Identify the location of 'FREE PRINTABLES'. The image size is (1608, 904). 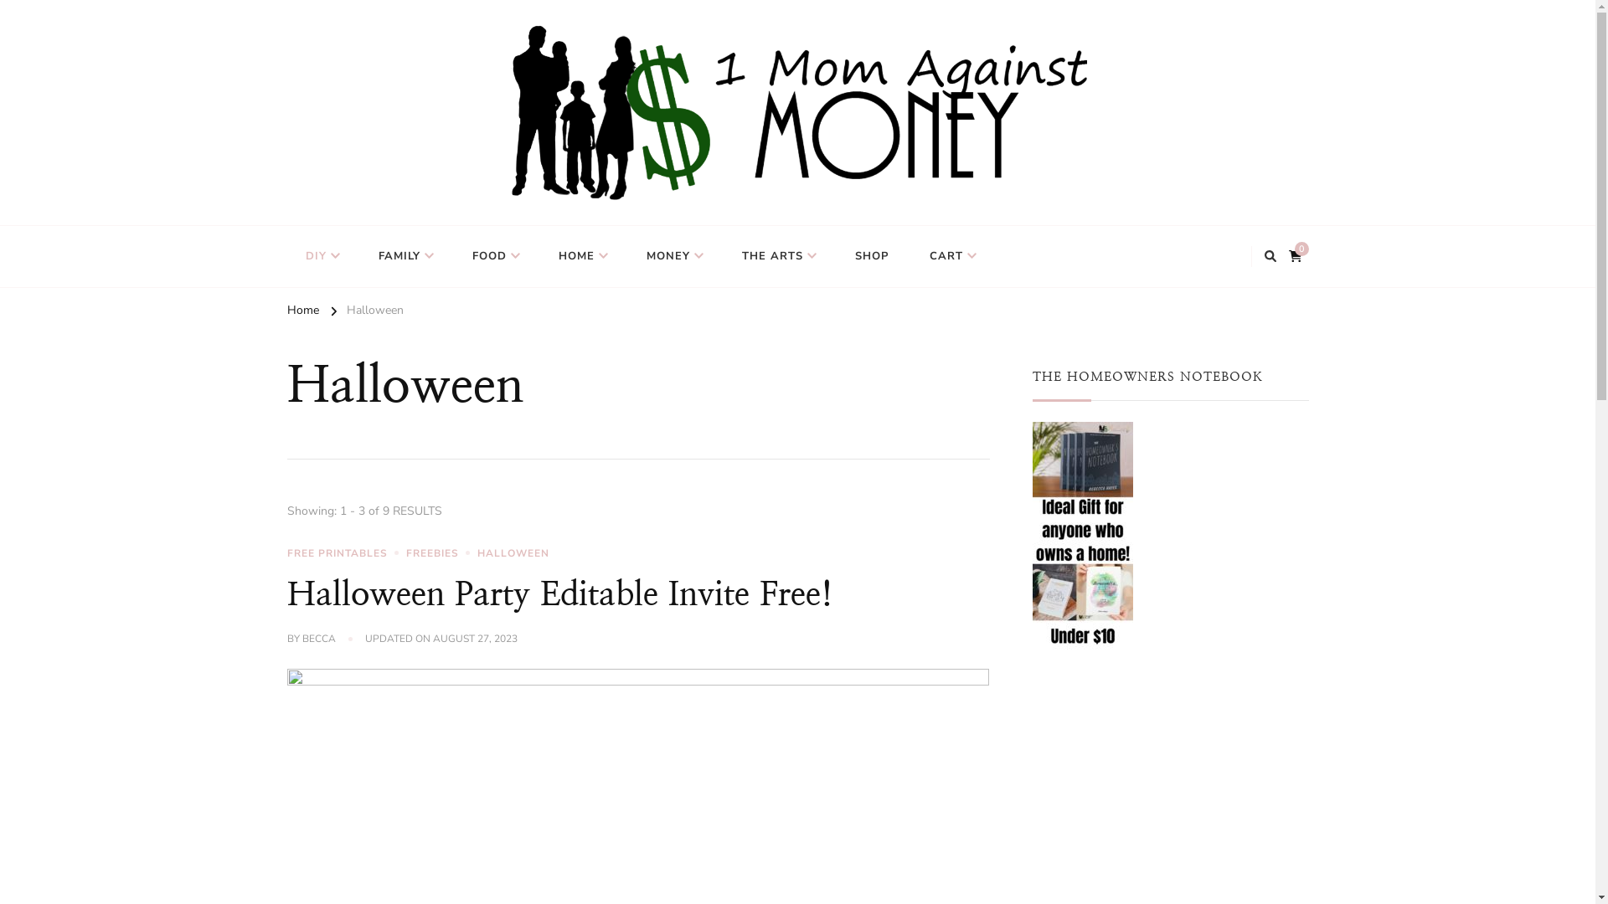
(344, 552).